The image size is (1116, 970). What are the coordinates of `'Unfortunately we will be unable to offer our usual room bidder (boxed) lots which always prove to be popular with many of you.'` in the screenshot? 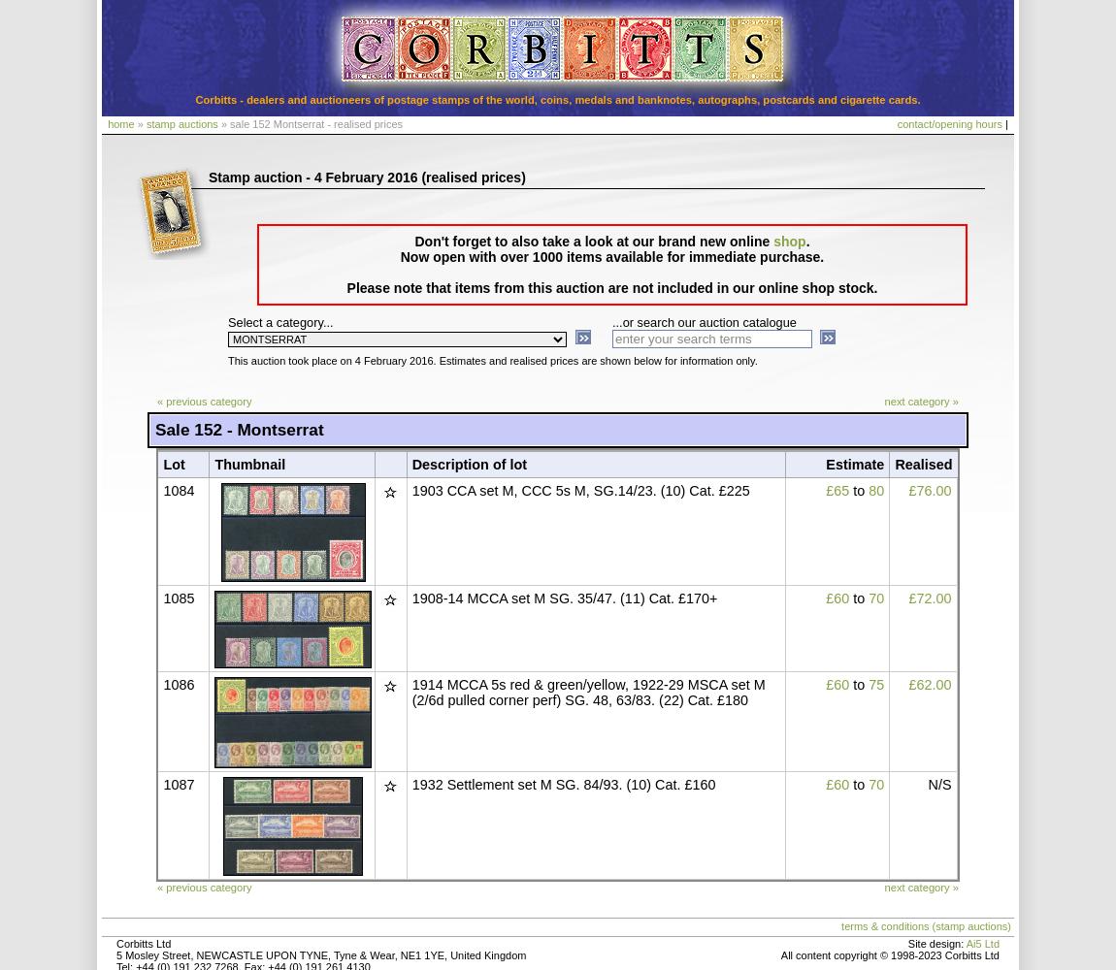 It's located at (236, 560).